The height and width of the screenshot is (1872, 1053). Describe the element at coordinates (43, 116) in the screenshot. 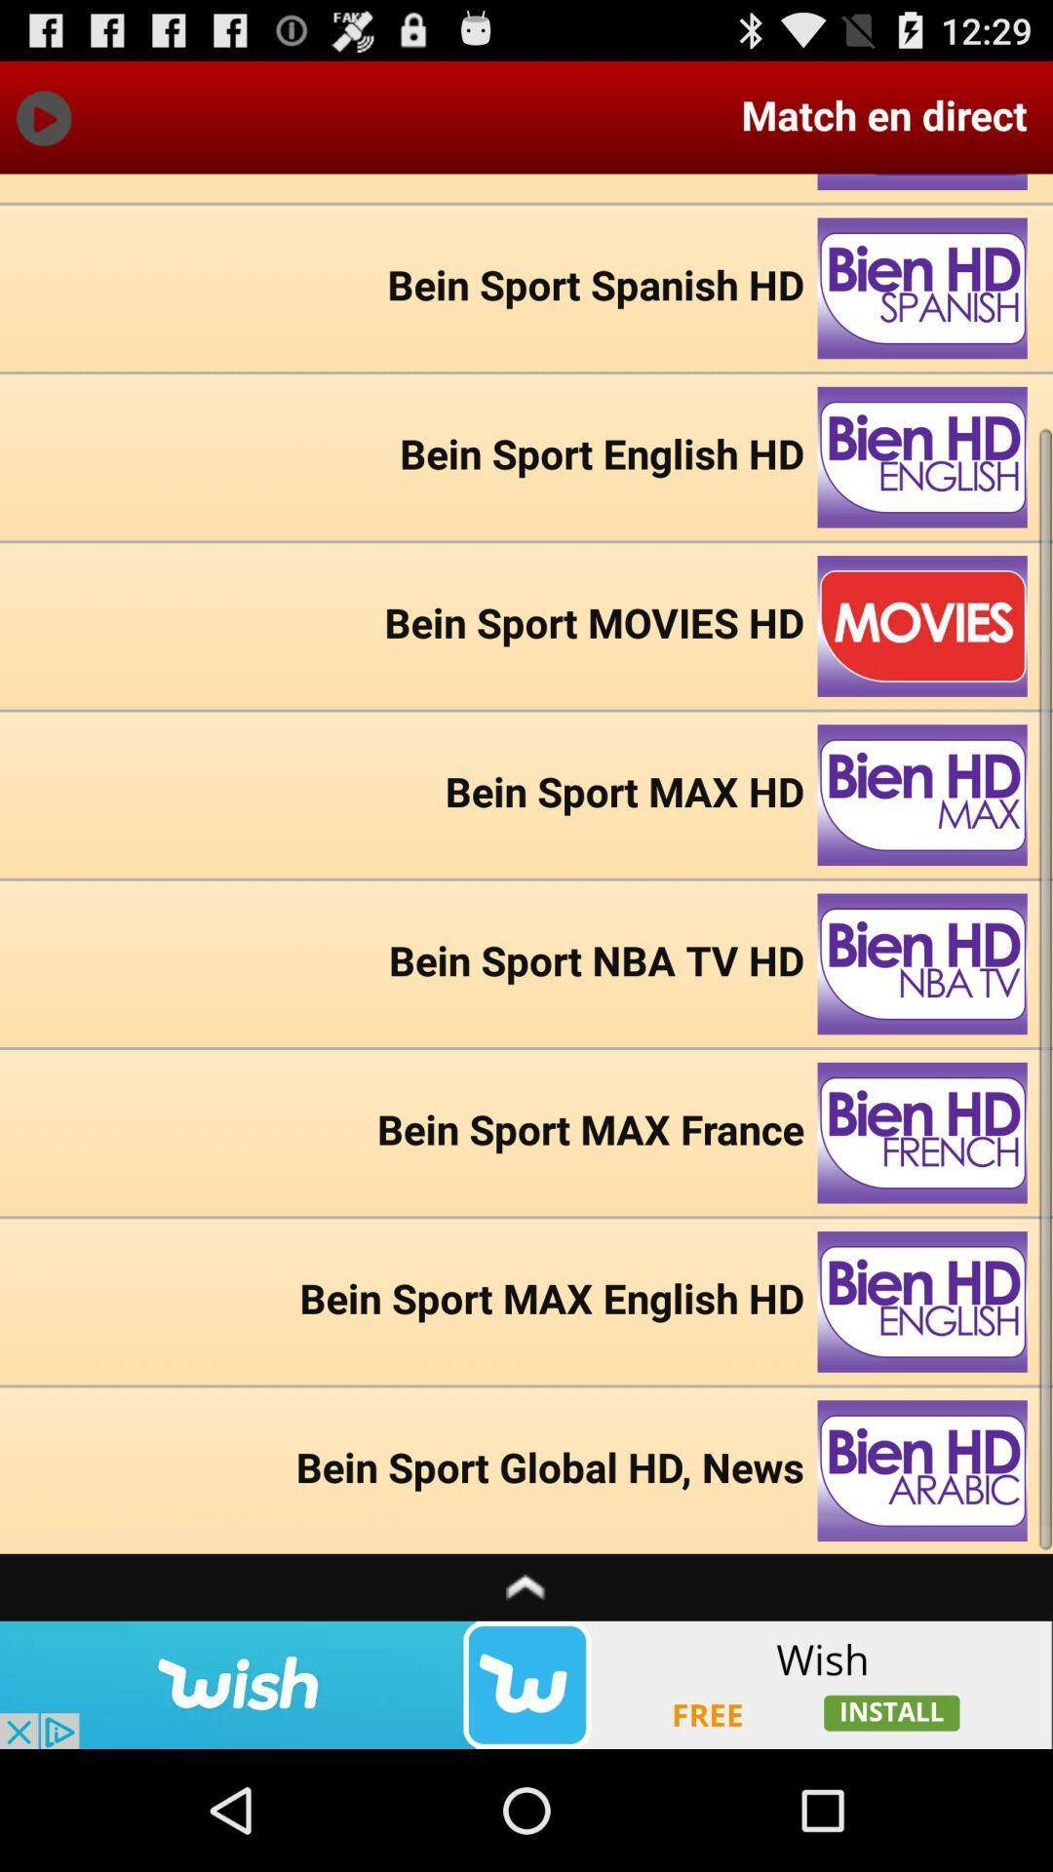

I see `go forward` at that location.